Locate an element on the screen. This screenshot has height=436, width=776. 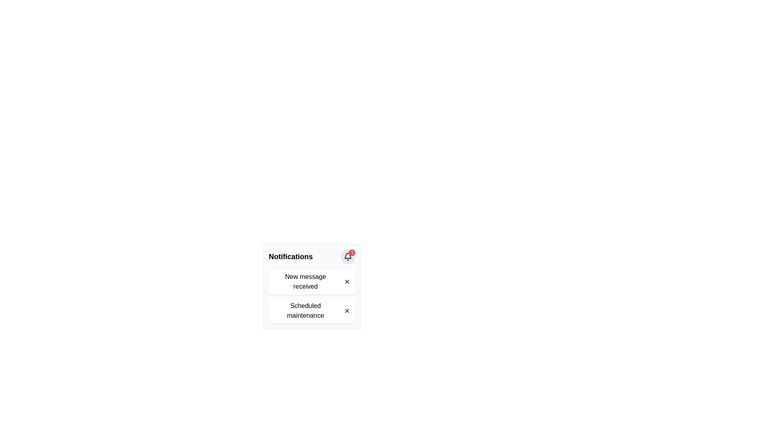
the Notification indicator located at the top-right corner of the bell icon button, which displays the number of unread notifications is located at coordinates (352, 252).